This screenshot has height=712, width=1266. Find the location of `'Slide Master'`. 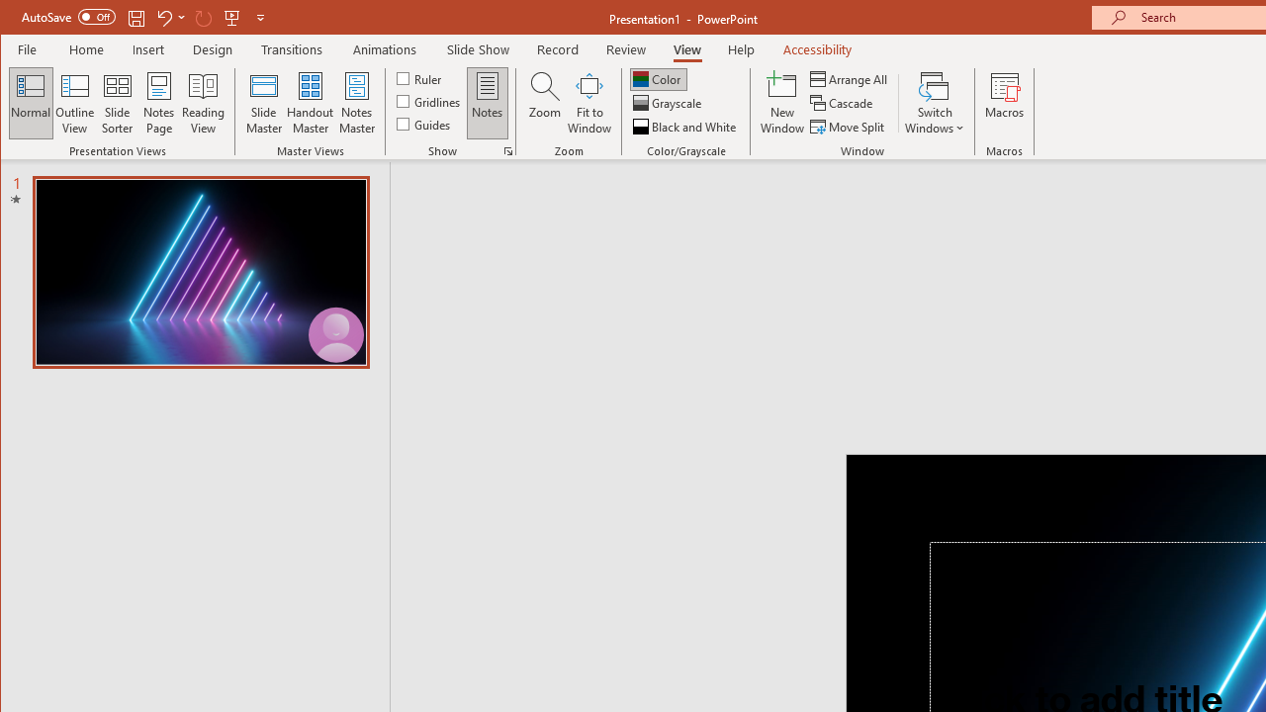

'Slide Master' is located at coordinates (262, 103).